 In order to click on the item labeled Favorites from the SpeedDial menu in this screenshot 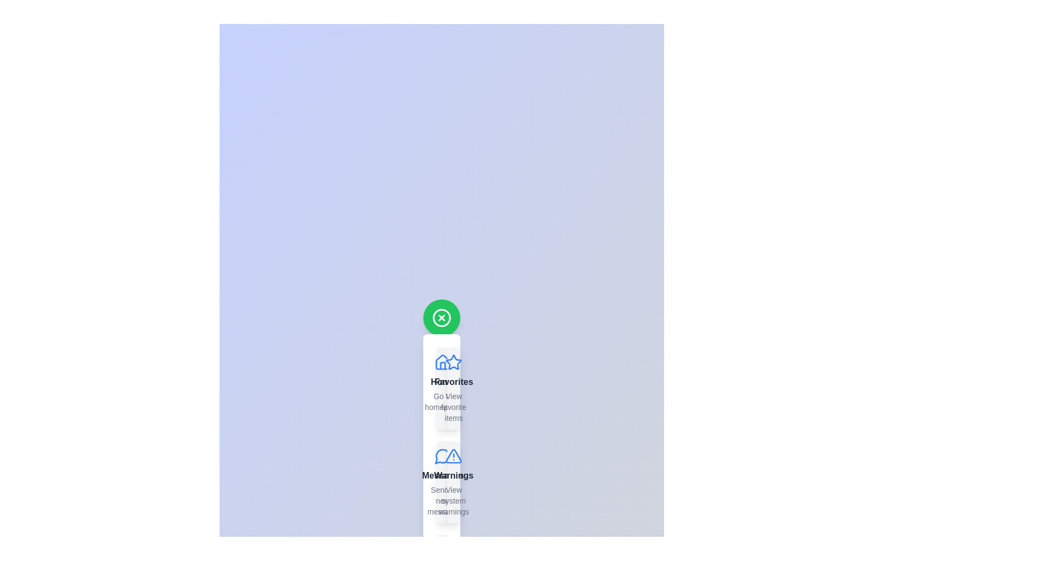, I will do `click(454, 388)`.